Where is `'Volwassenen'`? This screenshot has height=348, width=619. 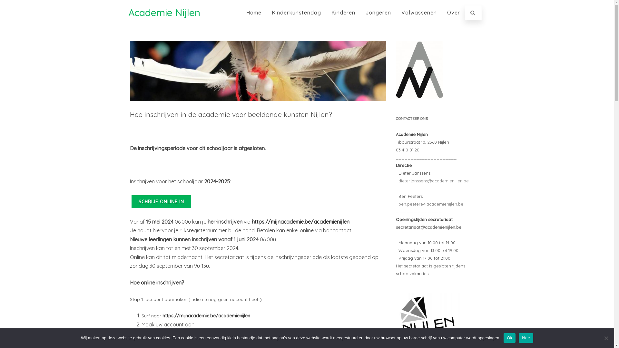 'Volwassenen' is located at coordinates (419, 12).